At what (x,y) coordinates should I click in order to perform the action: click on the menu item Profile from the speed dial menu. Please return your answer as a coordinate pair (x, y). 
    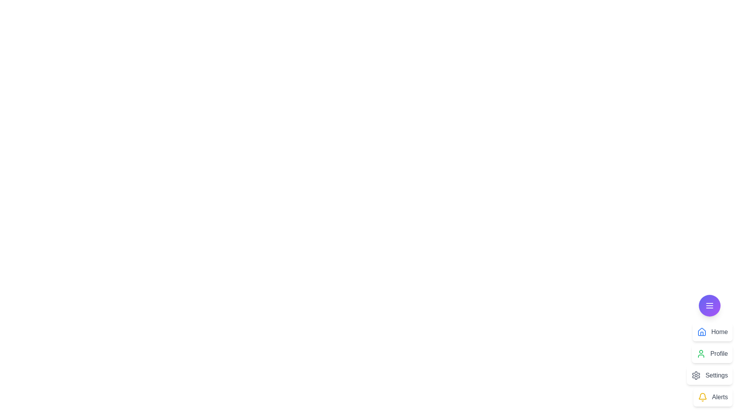
    Looking at the image, I should click on (712, 353).